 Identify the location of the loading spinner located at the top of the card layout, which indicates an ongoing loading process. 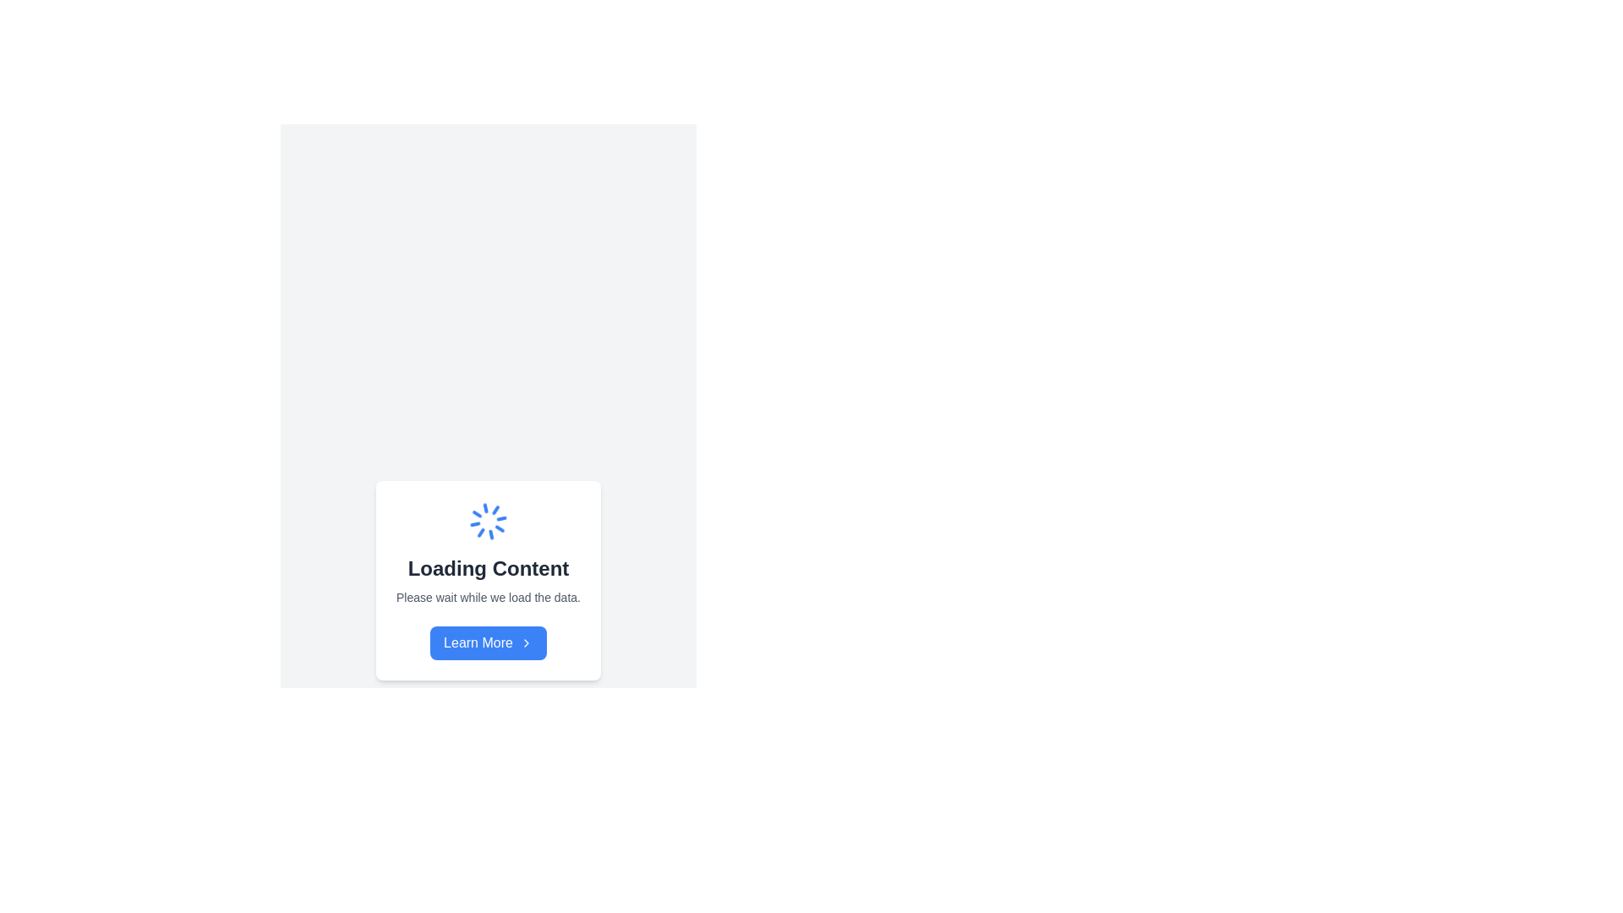
(487, 521).